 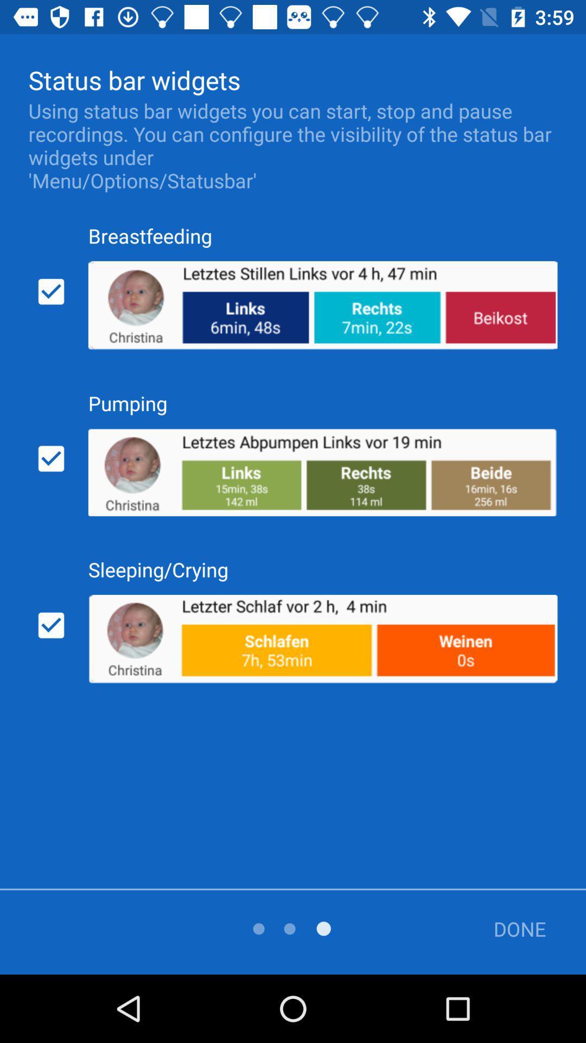 I want to click on pumping status bar widget, so click(x=51, y=458).